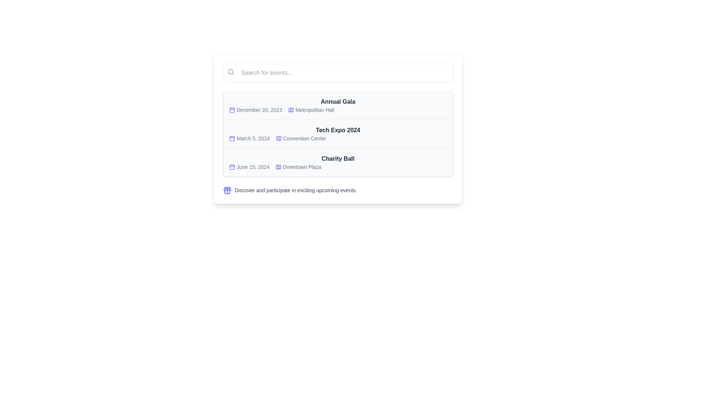 This screenshot has height=400, width=711. I want to click on the list item labeled 'Annual Gala', so click(337, 106).